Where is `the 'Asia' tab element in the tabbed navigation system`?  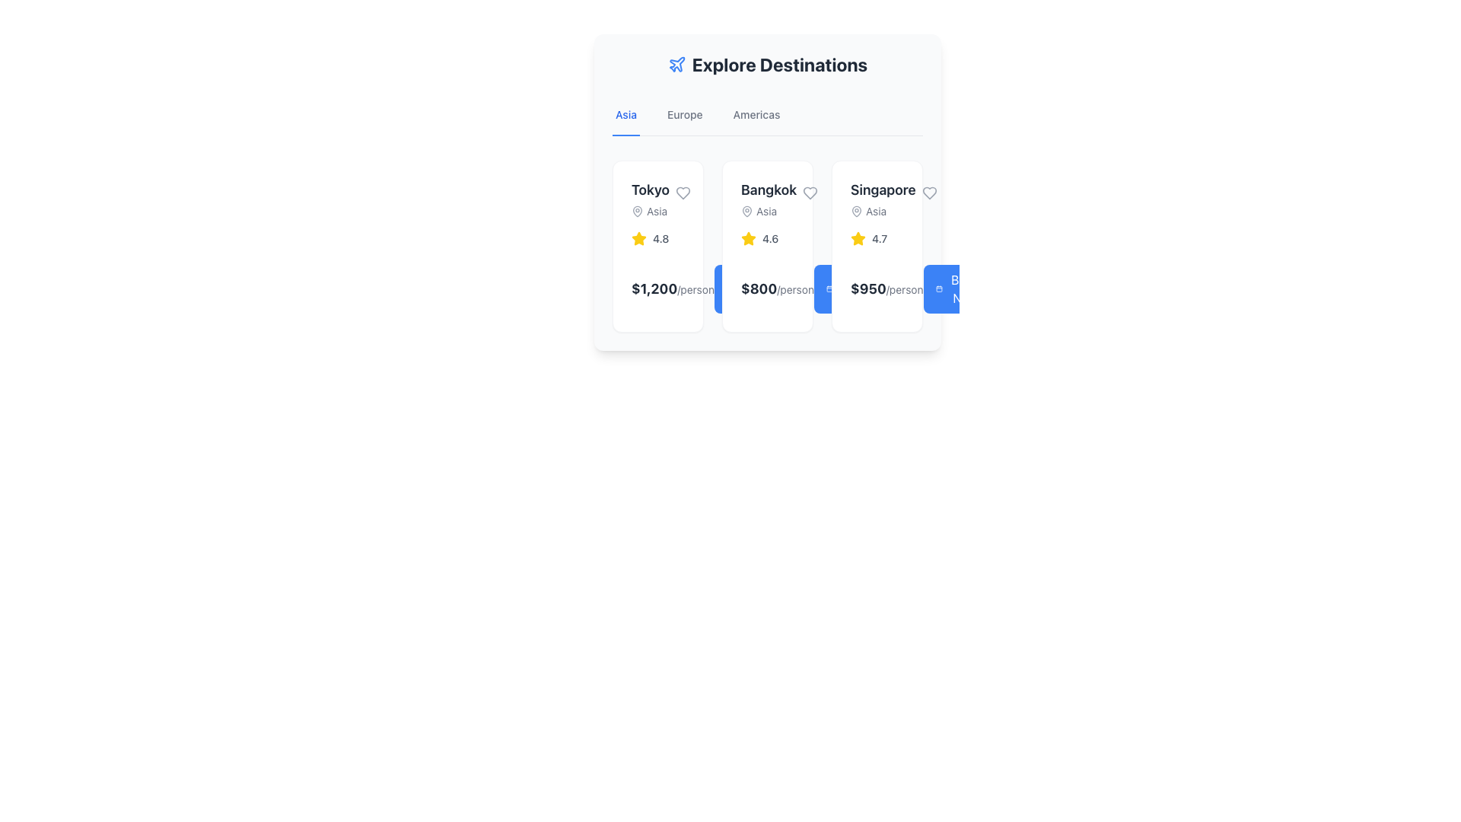
the 'Asia' tab element in the tabbed navigation system is located at coordinates (626, 114).